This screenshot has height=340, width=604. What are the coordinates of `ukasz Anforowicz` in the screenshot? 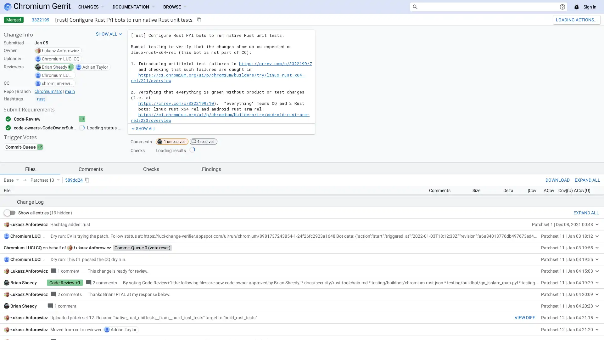 It's located at (29, 311).